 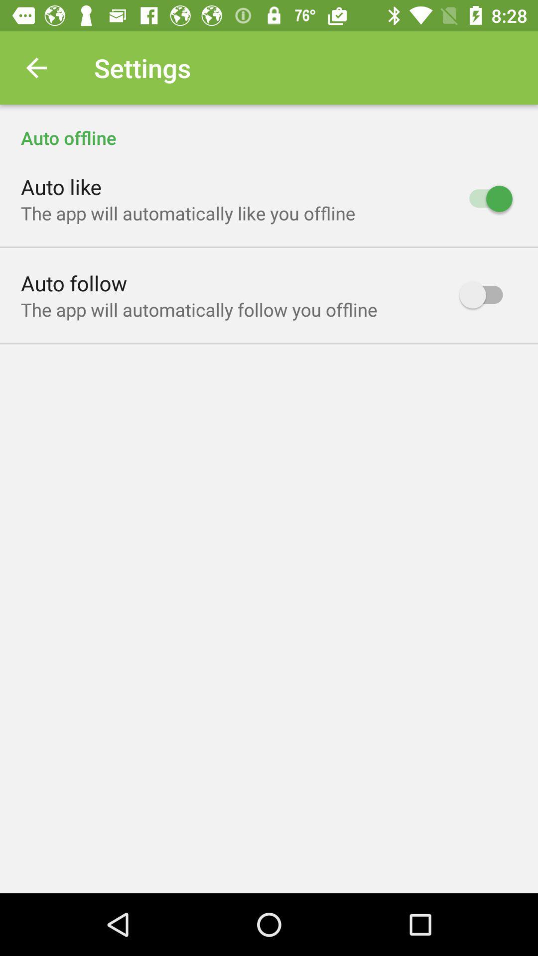 What do you see at coordinates (36, 67) in the screenshot?
I see `the icon to the left of settings item` at bounding box center [36, 67].